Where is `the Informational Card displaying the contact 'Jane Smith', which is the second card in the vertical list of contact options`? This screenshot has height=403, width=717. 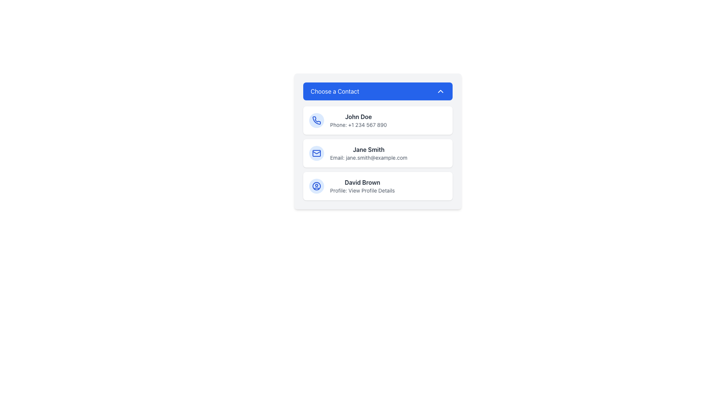
the Informational Card displaying the contact 'Jane Smith', which is the second card in the vertical list of contact options is located at coordinates (378, 153).